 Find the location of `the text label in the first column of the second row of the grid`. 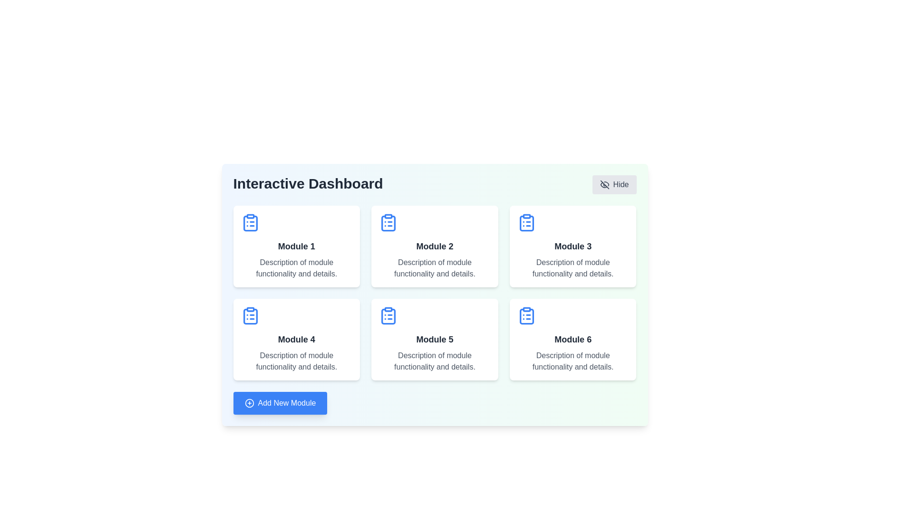

the text label in the first column of the second row of the grid is located at coordinates (296, 339).